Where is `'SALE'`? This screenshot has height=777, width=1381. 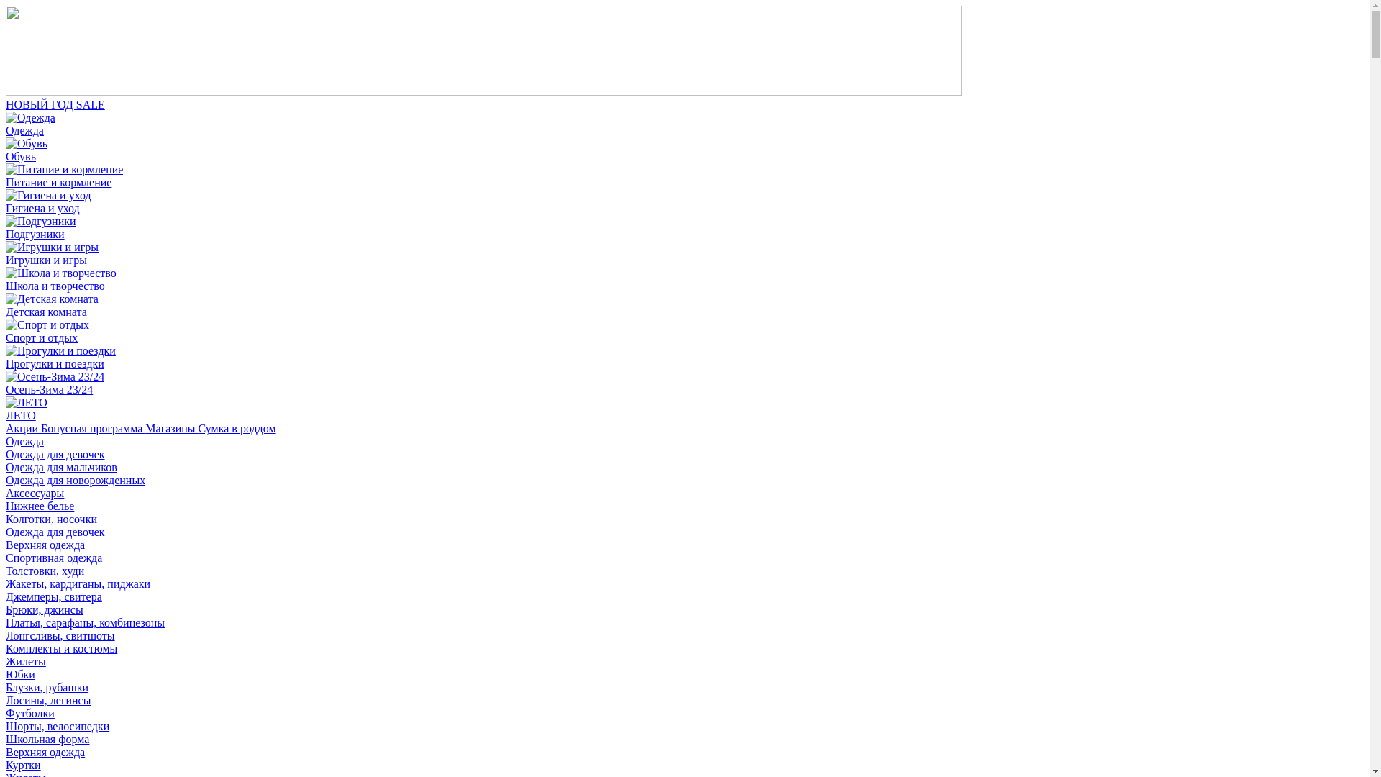
'SALE' is located at coordinates (89, 104).